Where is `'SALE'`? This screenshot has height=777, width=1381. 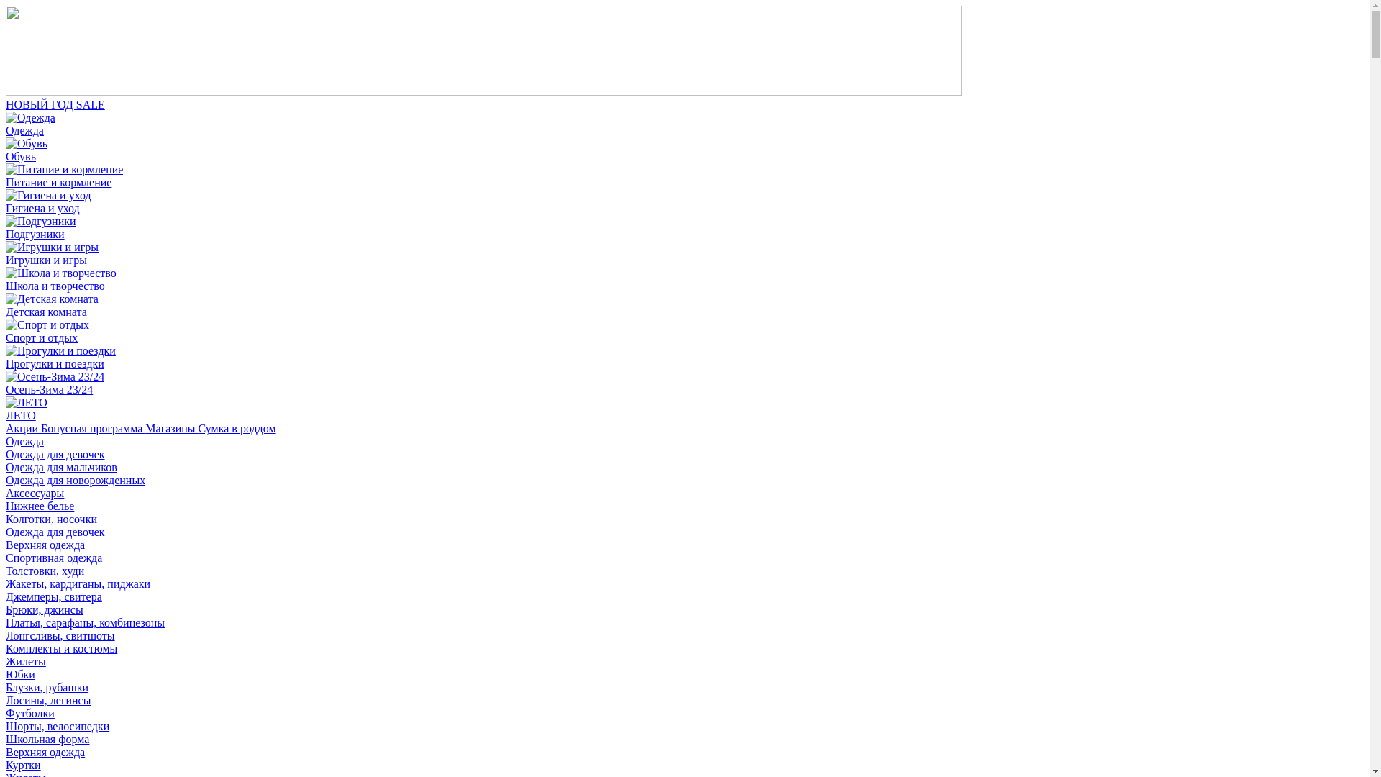
'SALE' is located at coordinates (89, 104).